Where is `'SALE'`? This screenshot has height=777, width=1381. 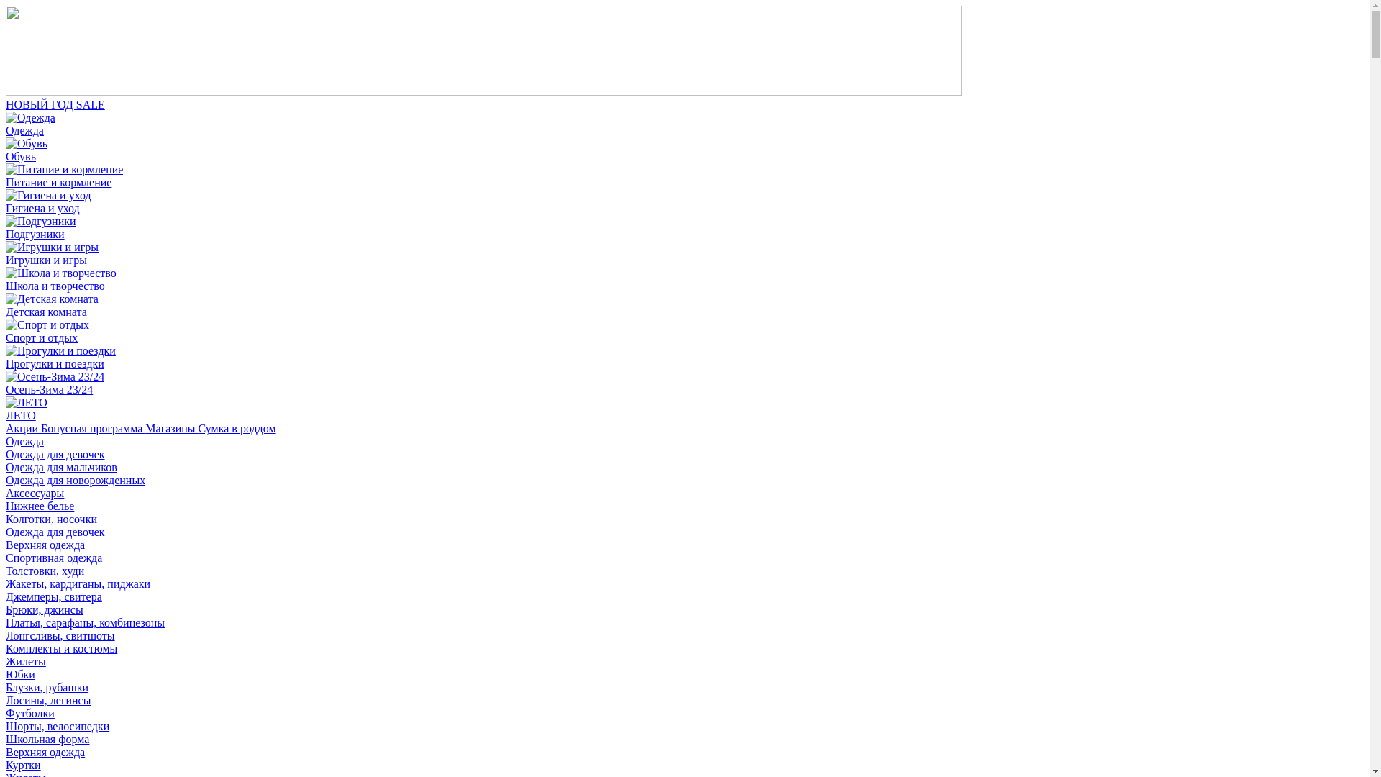
'SALE' is located at coordinates (89, 104).